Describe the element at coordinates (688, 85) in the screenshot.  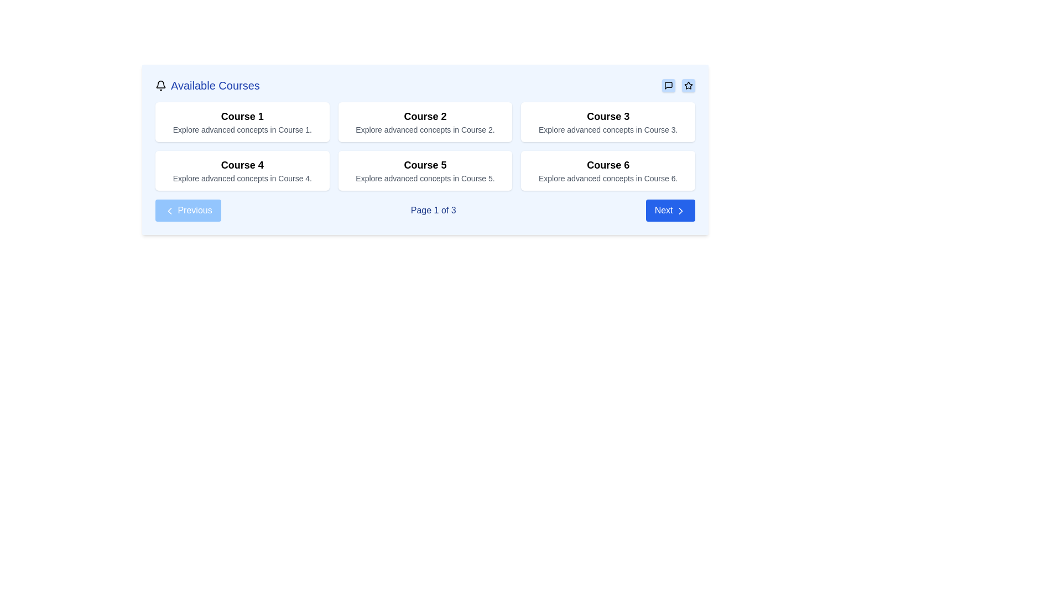
I see `the star icon button located at the top-right corner of the panel above the courses grid` at that location.